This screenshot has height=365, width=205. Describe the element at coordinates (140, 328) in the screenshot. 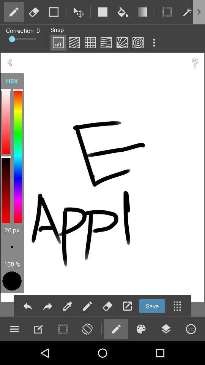

I see `color palate` at that location.